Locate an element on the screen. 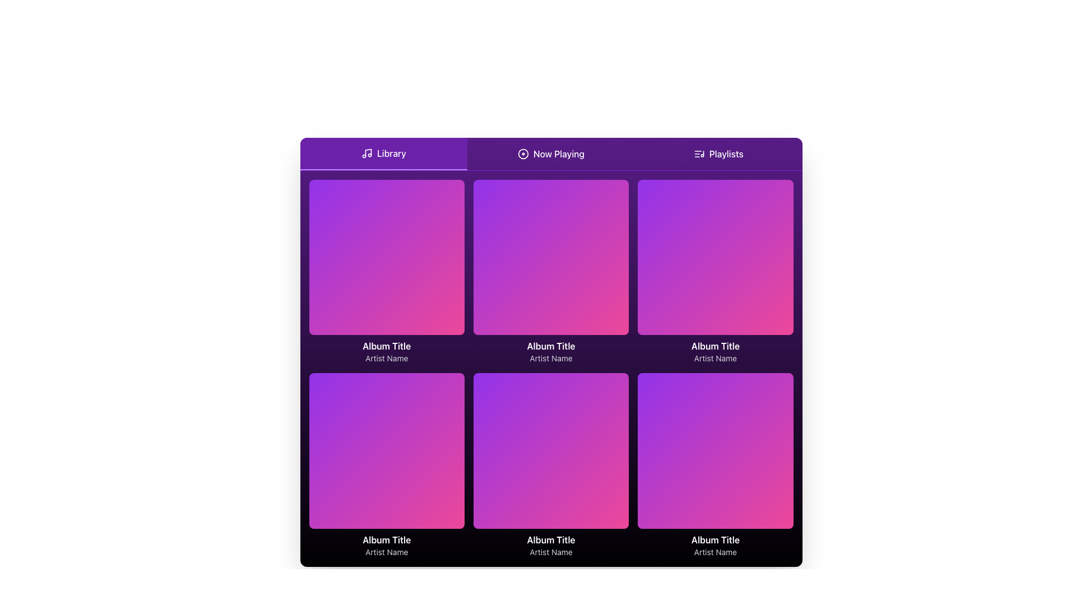 The height and width of the screenshot is (605, 1076). the media card for the album located in the top-left position of the grid layout is located at coordinates (387, 272).